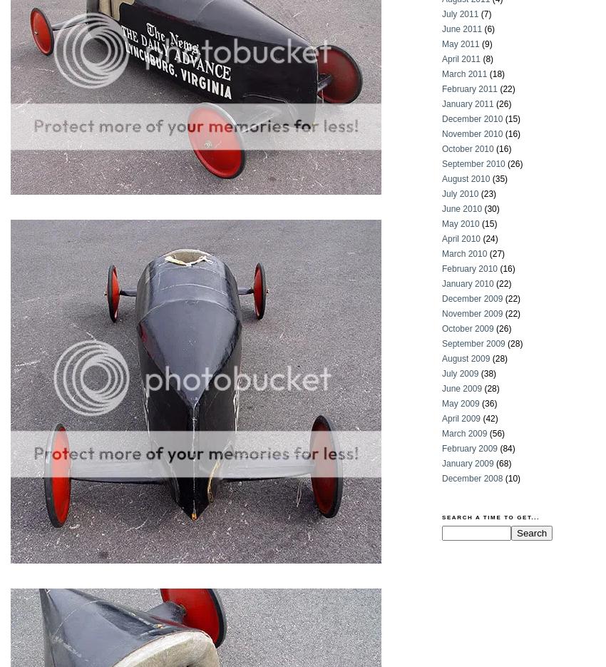  I want to click on 'October 2009', so click(468, 327).